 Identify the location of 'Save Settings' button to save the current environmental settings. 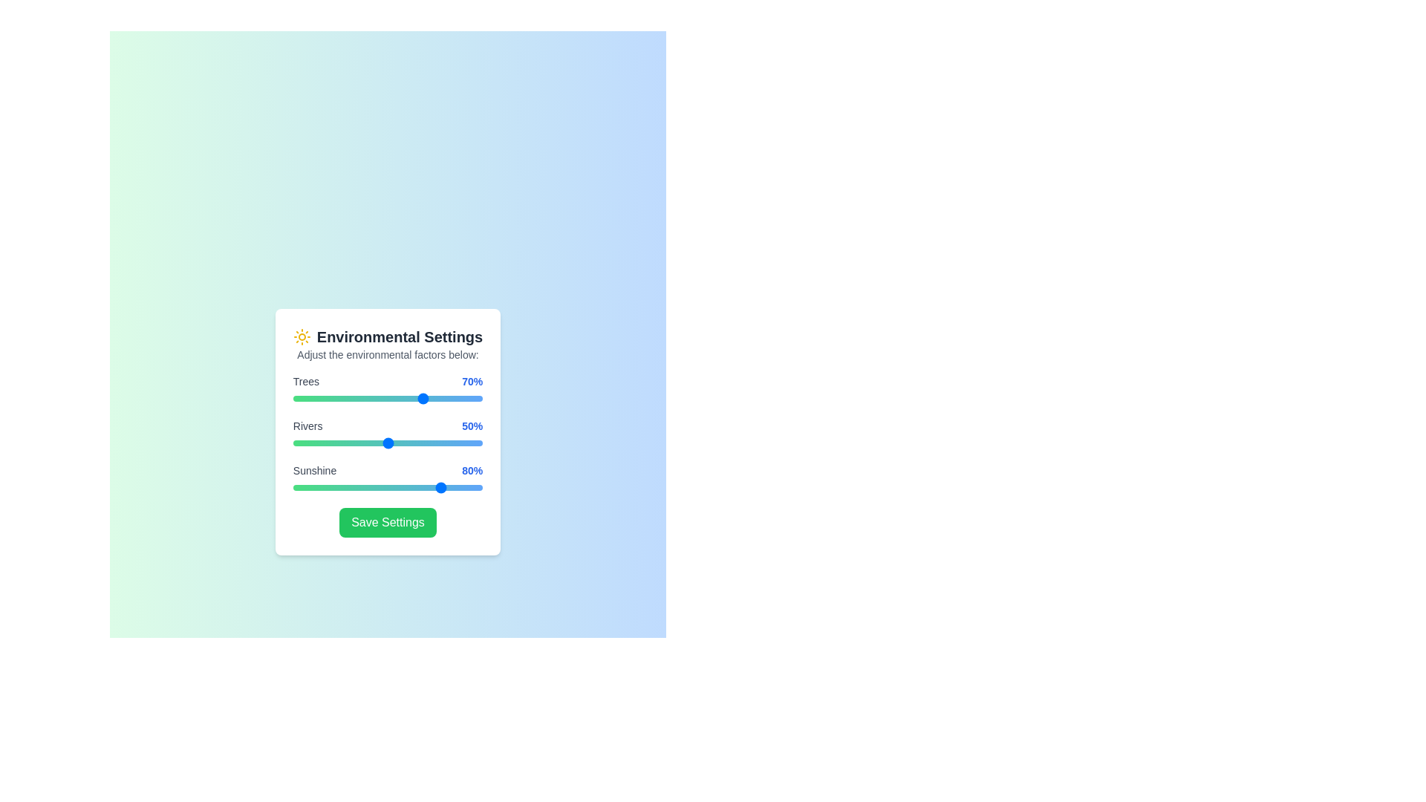
(388, 522).